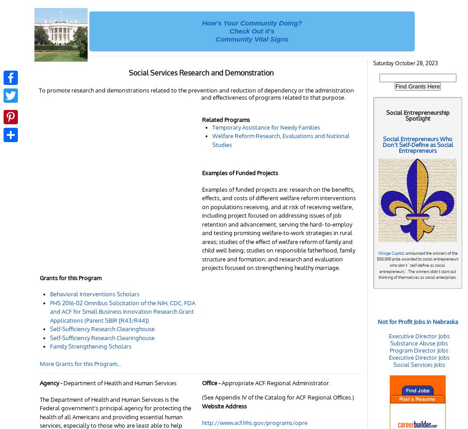  What do you see at coordinates (202, 382) in the screenshot?
I see `'Office -'` at bounding box center [202, 382].